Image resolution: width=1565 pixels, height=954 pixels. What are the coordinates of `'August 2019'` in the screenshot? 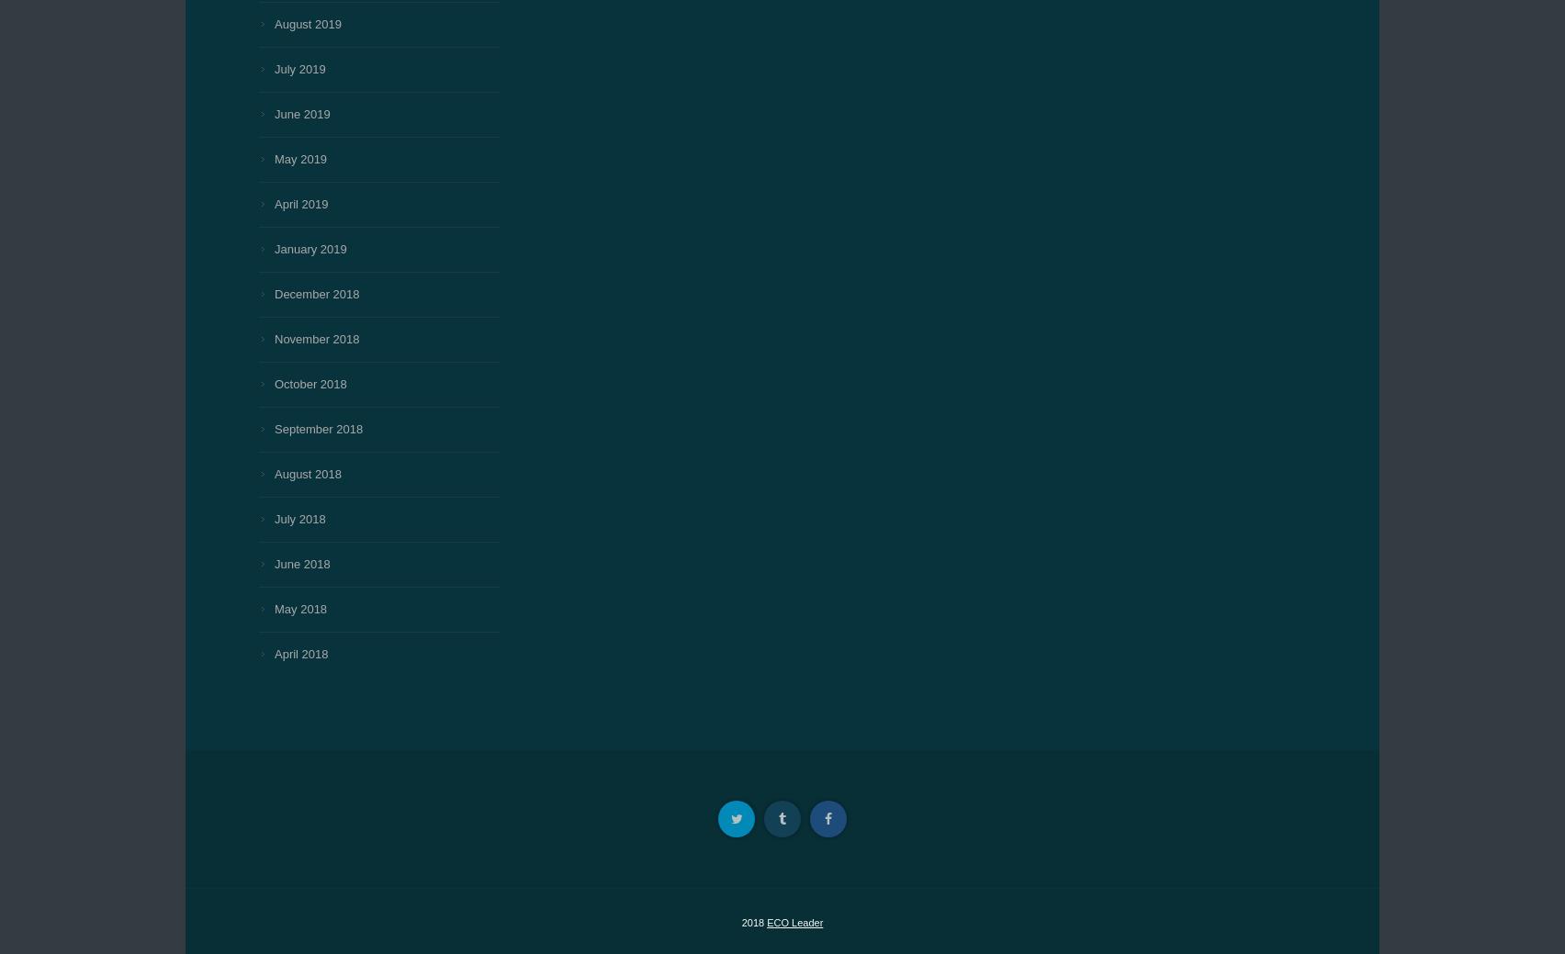 It's located at (307, 23).